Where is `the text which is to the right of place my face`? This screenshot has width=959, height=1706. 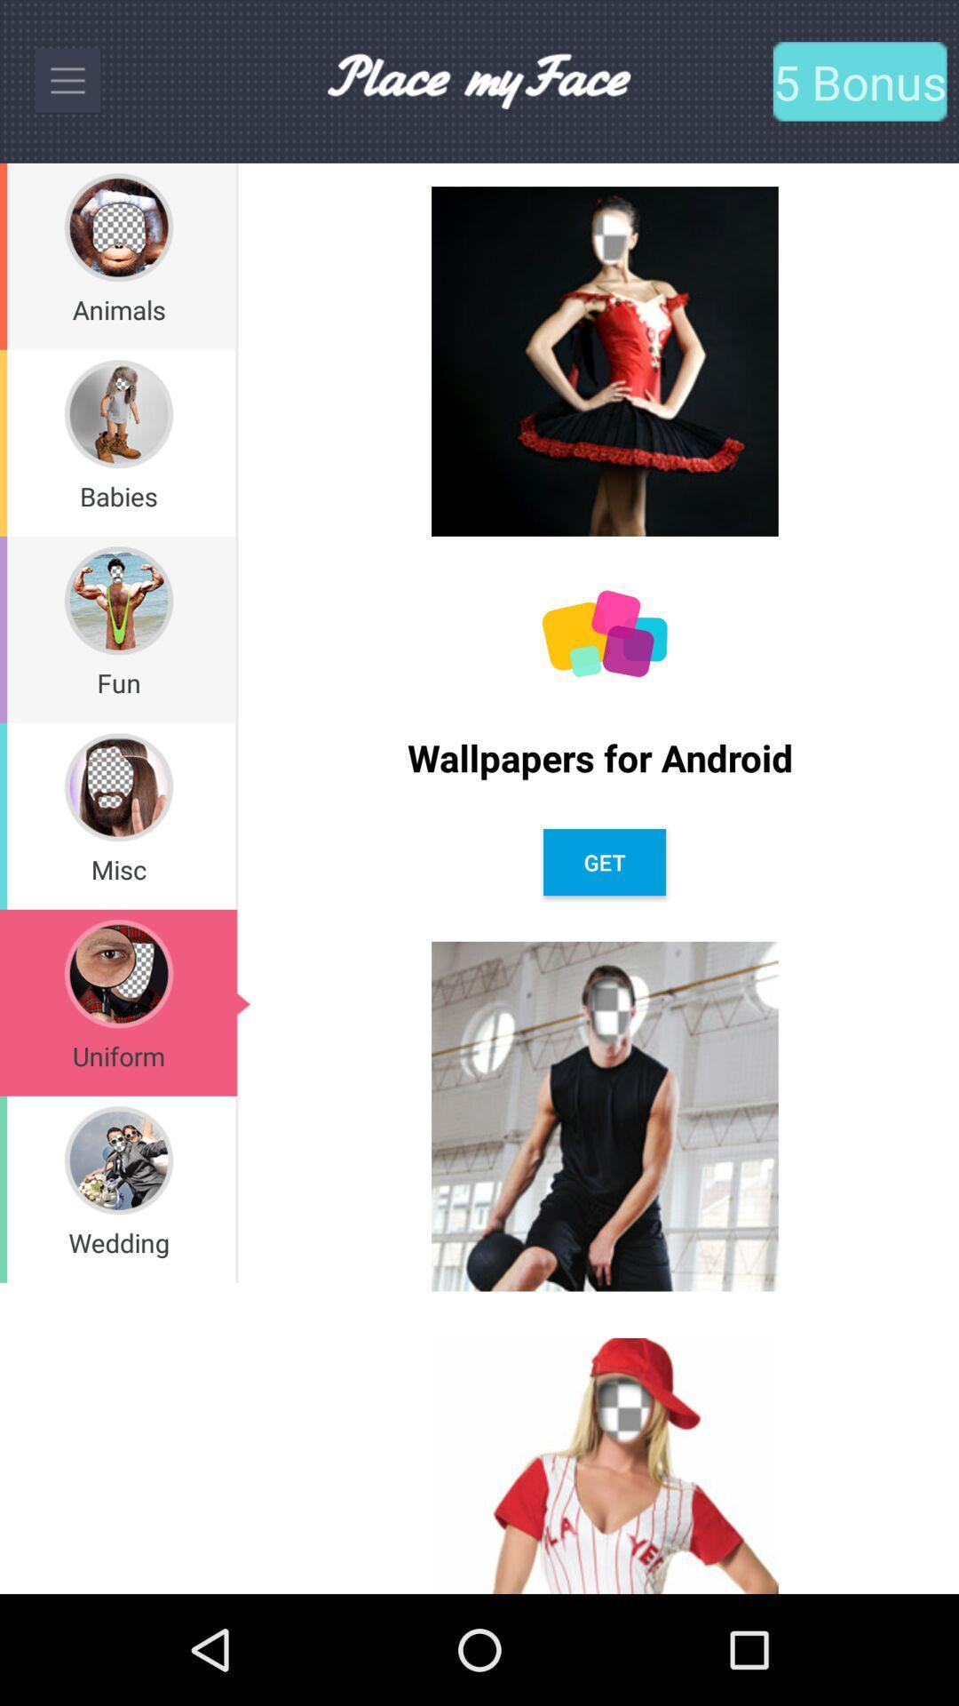 the text which is to the right of place my face is located at coordinates (859, 80).